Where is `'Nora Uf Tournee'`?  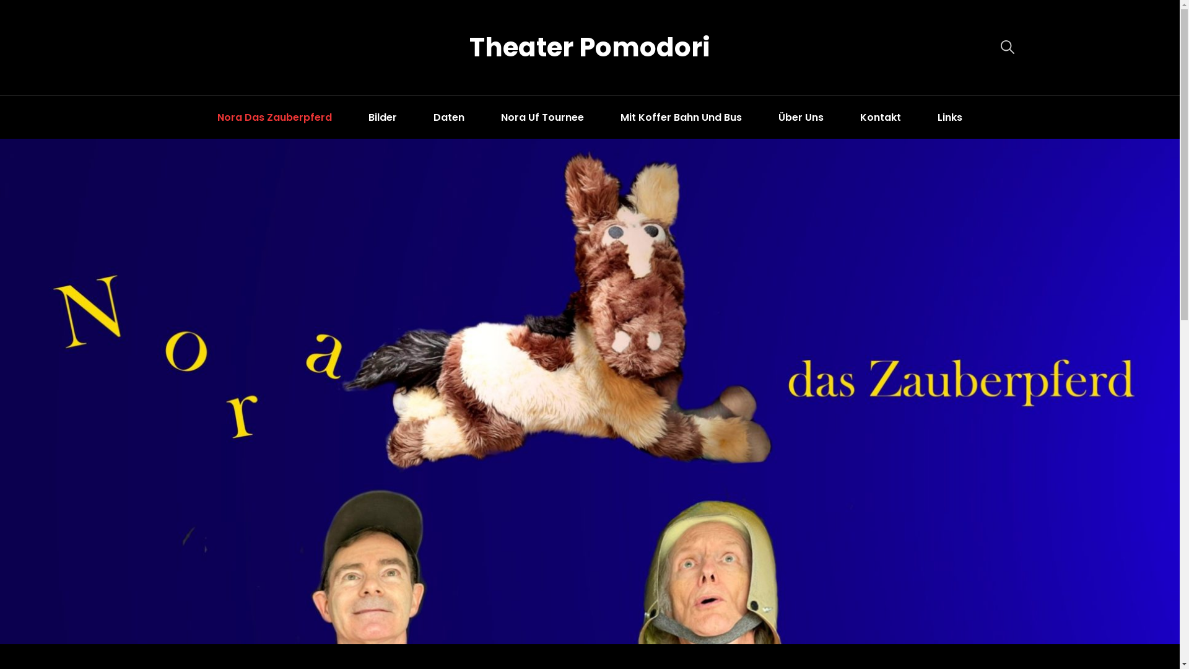
'Nora Uf Tournee' is located at coordinates (542, 117).